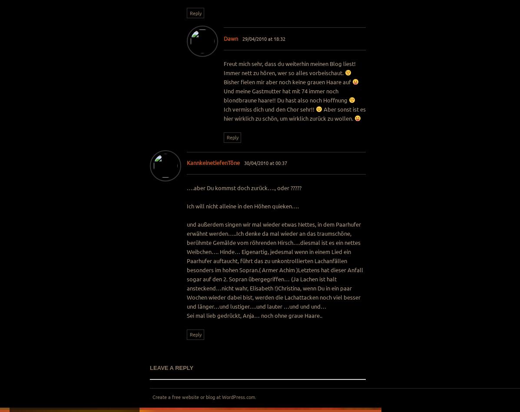 The width and height of the screenshot is (520, 412). Describe the element at coordinates (203, 396) in the screenshot. I see `'Create a free website or blog at WordPress.com.'` at that location.